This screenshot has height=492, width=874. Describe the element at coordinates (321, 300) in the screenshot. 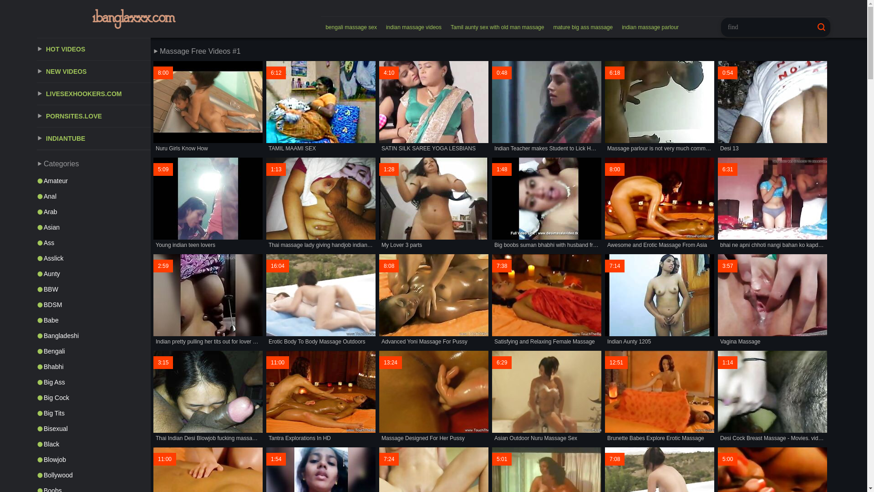

I see `'16:04` at that location.